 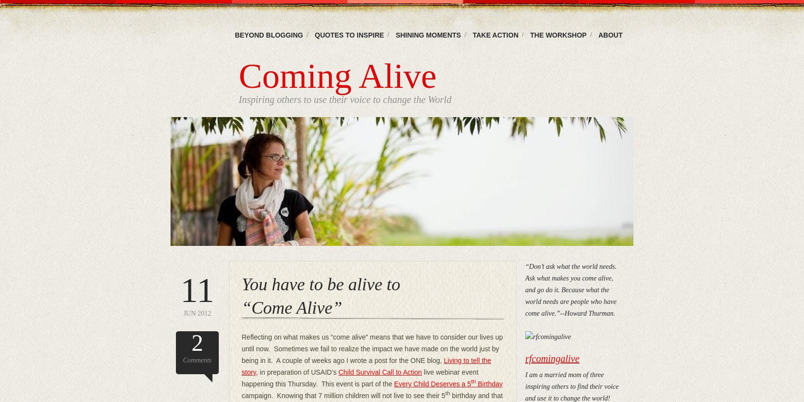 What do you see at coordinates (197, 313) in the screenshot?
I see `'Jun 2012'` at bounding box center [197, 313].